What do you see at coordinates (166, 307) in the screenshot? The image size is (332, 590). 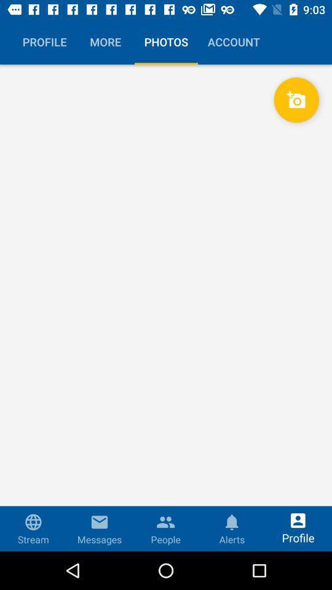 I see `the icon at the center` at bounding box center [166, 307].